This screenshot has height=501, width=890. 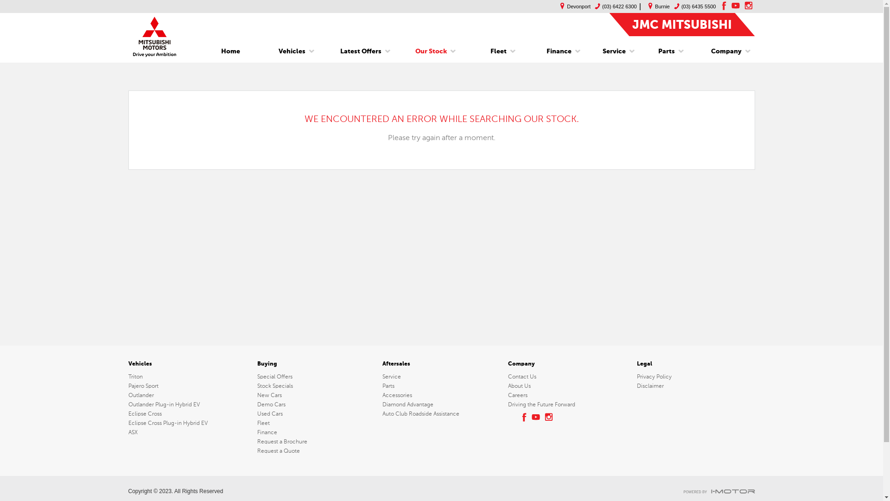 What do you see at coordinates (316, 441) in the screenshot?
I see `'Request a Brochure'` at bounding box center [316, 441].